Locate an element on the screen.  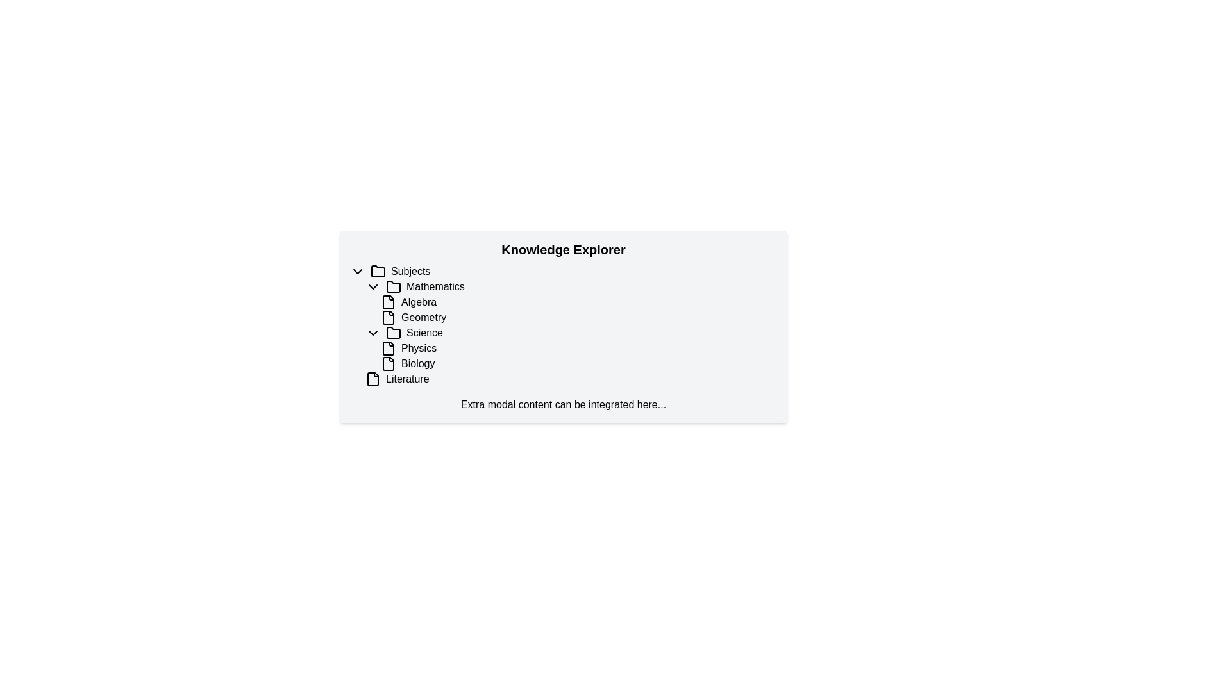
the Dropdown indicator located to the left of the 'Subjects' text in the 'Knowledge Explorer' interface is located at coordinates (357, 271).